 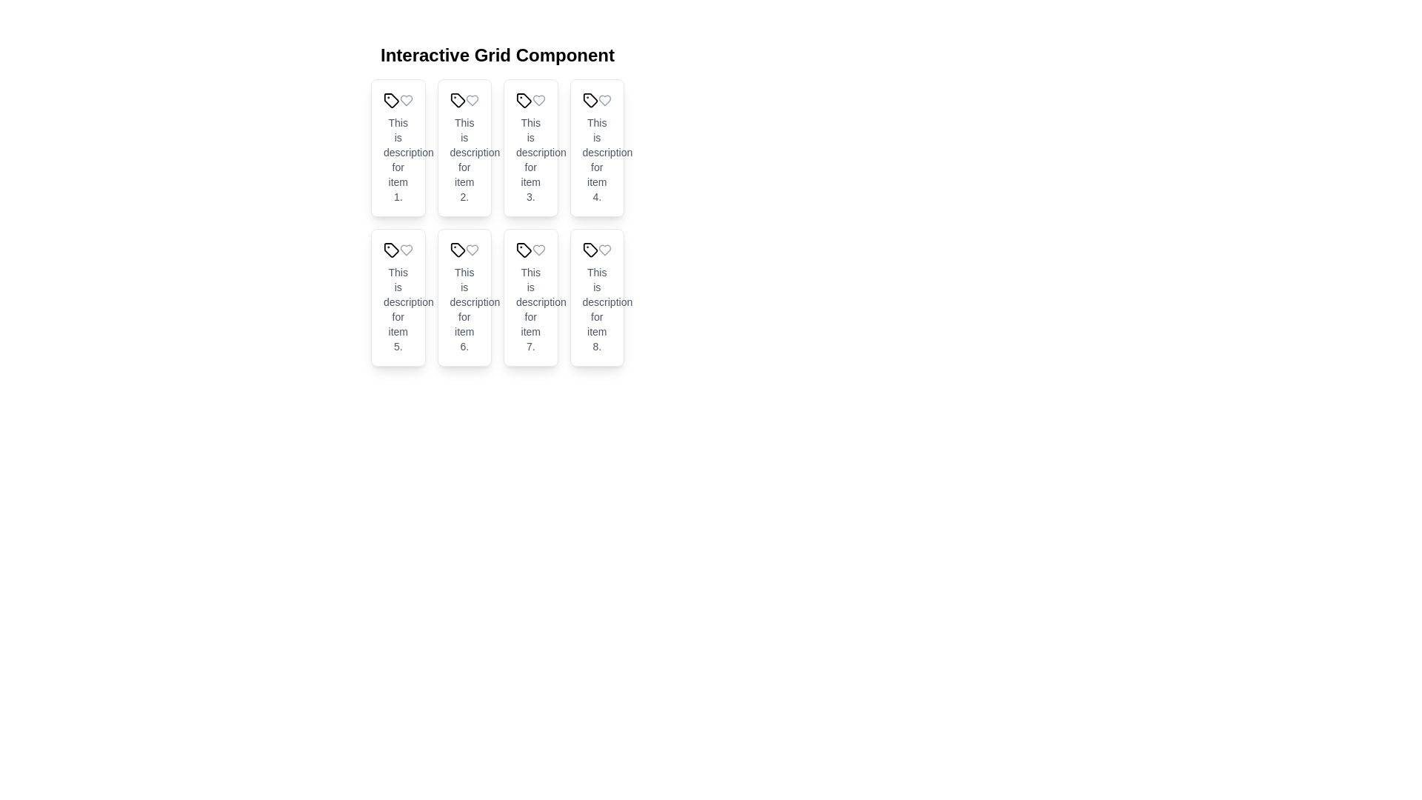 What do you see at coordinates (538, 100) in the screenshot?
I see `the heart icon located in the top-right corner of the third card in a grid of eight cards, which functions as a favorite or like button` at bounding box center [538, 100].